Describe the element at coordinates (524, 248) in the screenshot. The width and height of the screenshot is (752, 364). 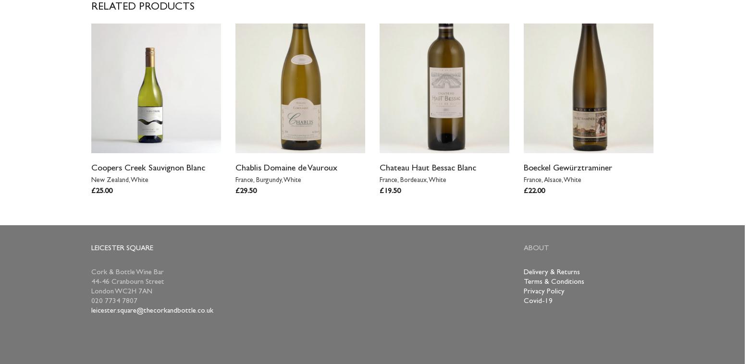
I see `'ABOUT'` at that location.